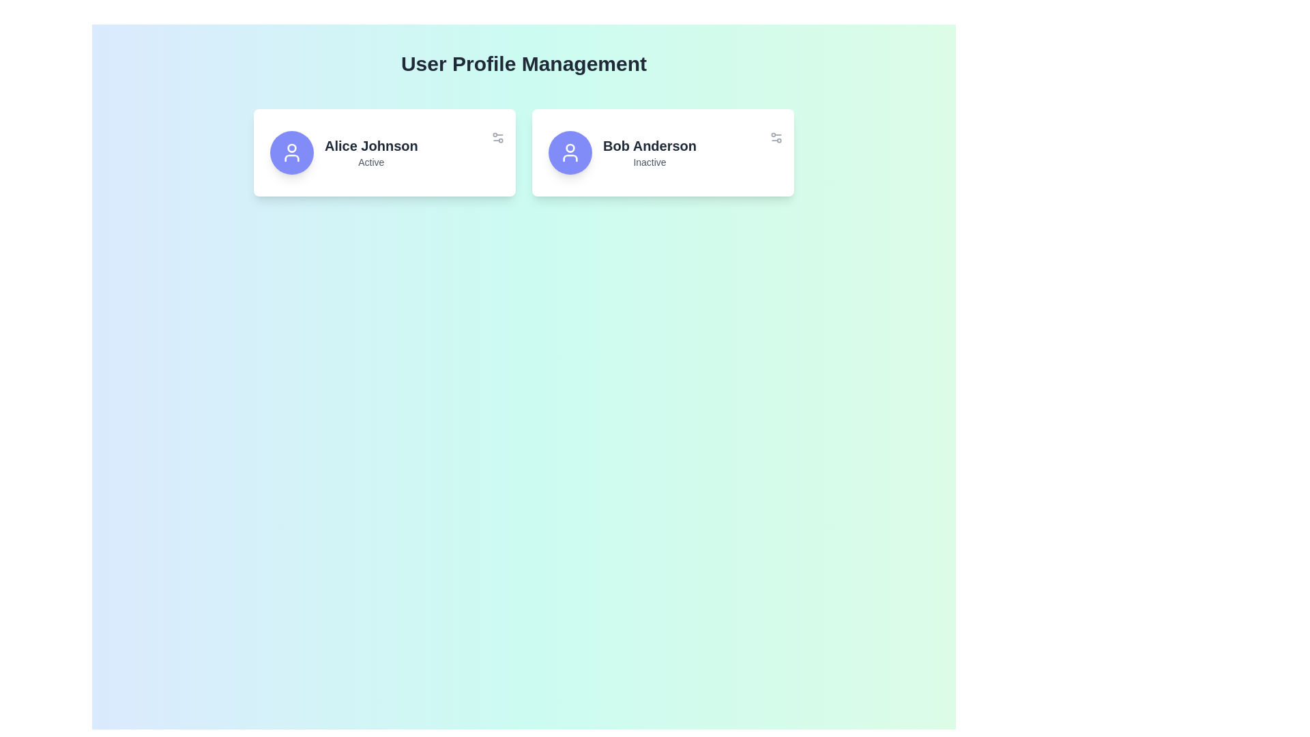  I want to click on the text display component showing 'Bob Anderson' and 'Inactive' in the right user profile card, so click(649, 152).